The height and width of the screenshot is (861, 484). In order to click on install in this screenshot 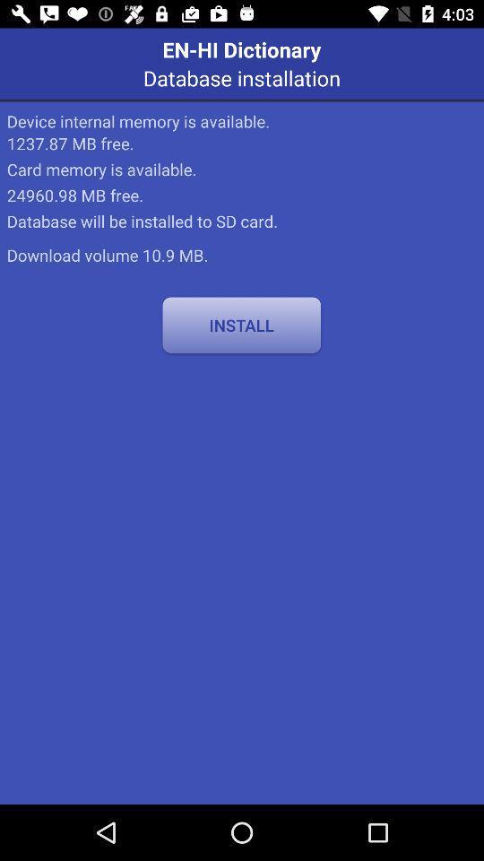, I will do `click(241, 324)`.